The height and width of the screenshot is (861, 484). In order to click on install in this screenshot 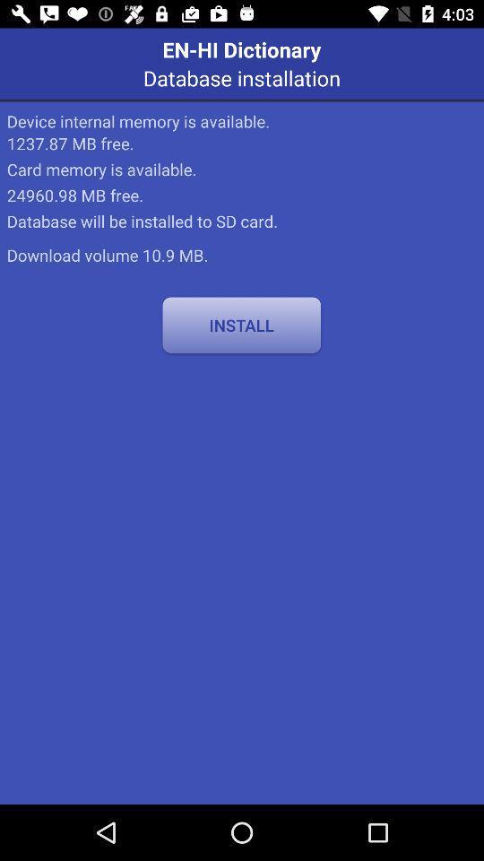, I will do `click(241, 324)`.